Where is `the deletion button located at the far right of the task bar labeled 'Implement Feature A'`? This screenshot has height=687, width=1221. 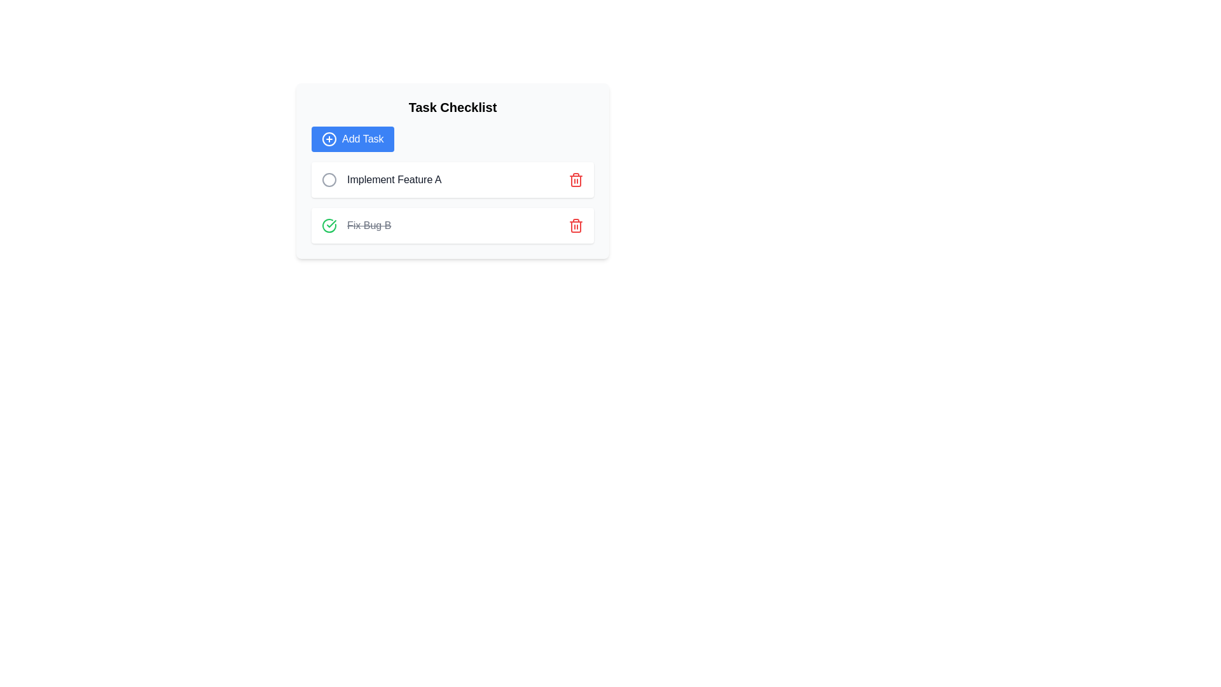 the deletion button located at the far right of the task bar labeled 'Implement Feature A' is located at coordinates (576, 179).